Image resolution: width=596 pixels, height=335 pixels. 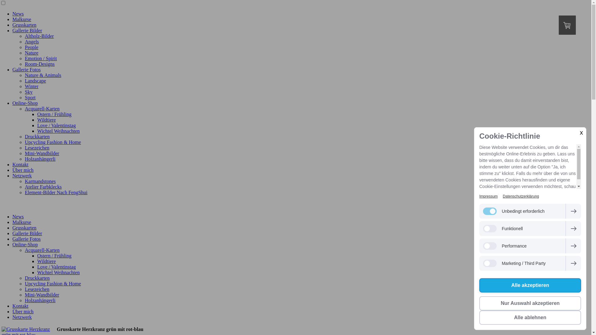 I want to click on 'Karmandstones', so click(x=25, y=181).